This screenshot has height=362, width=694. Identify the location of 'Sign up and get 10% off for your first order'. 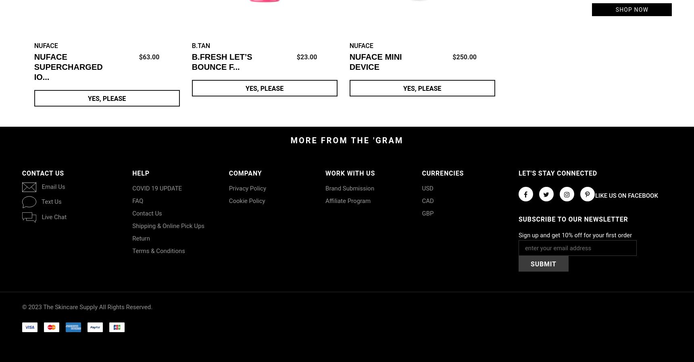
(575, 235).